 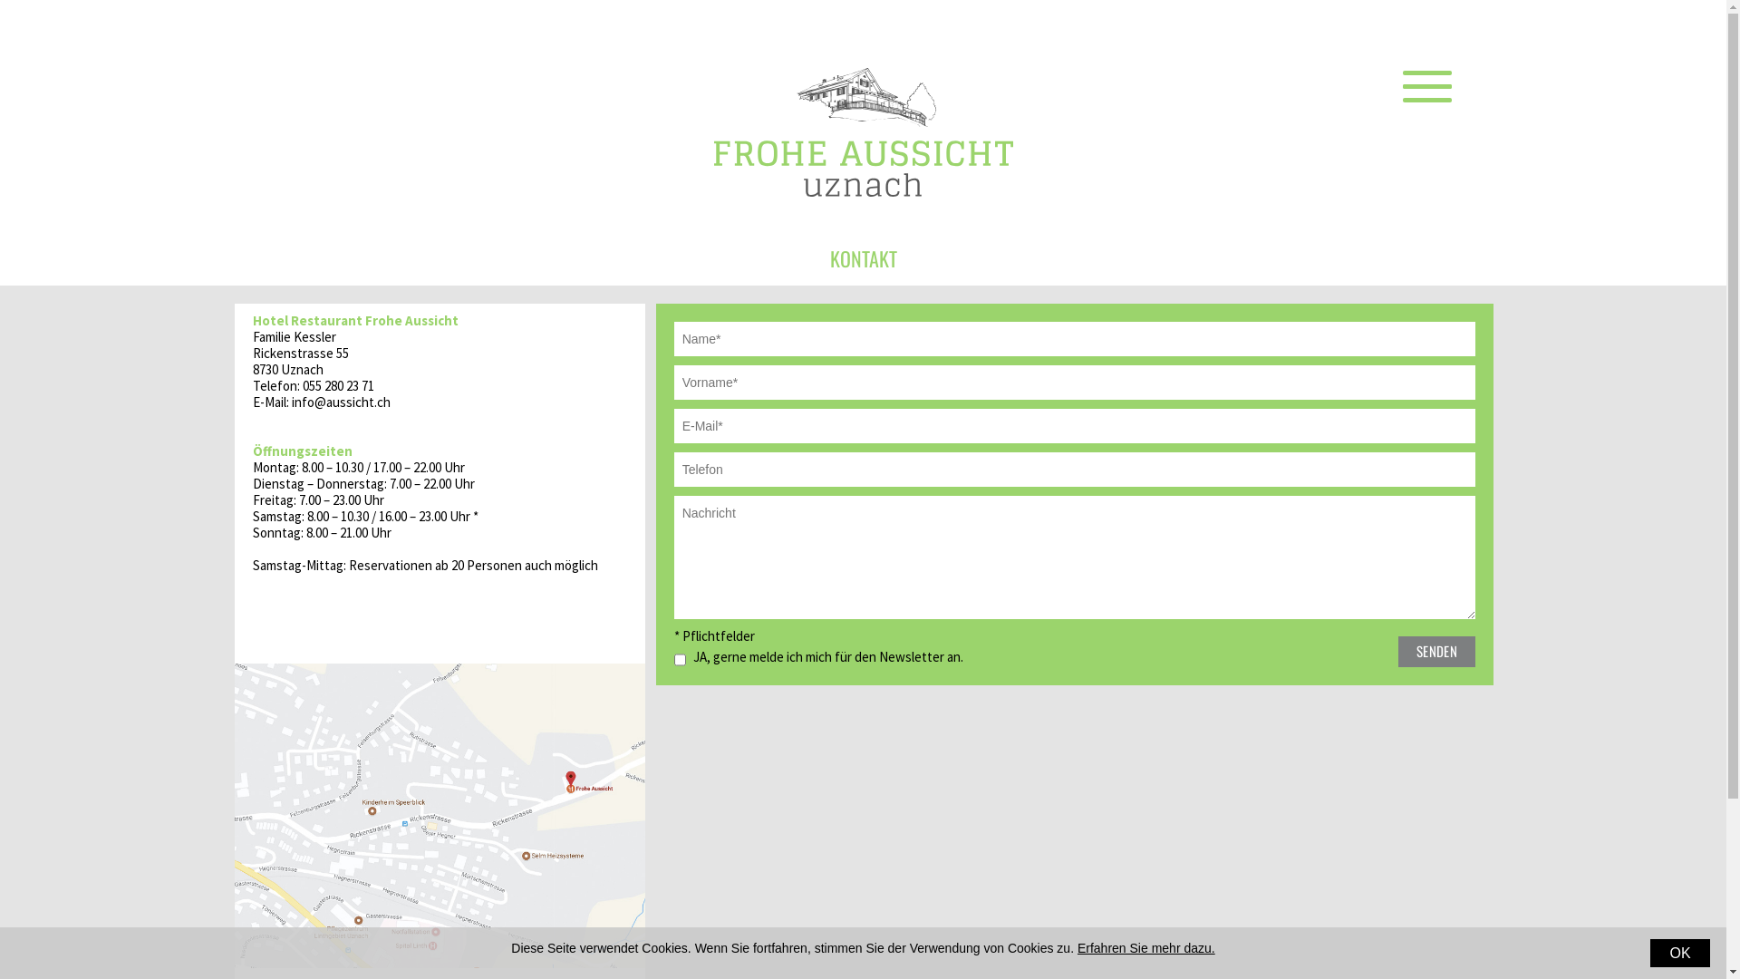 What do you see at coordinates (861, 258) in the screenshot?
I see `'KONTAKT'` at bounding box center [861, 258].